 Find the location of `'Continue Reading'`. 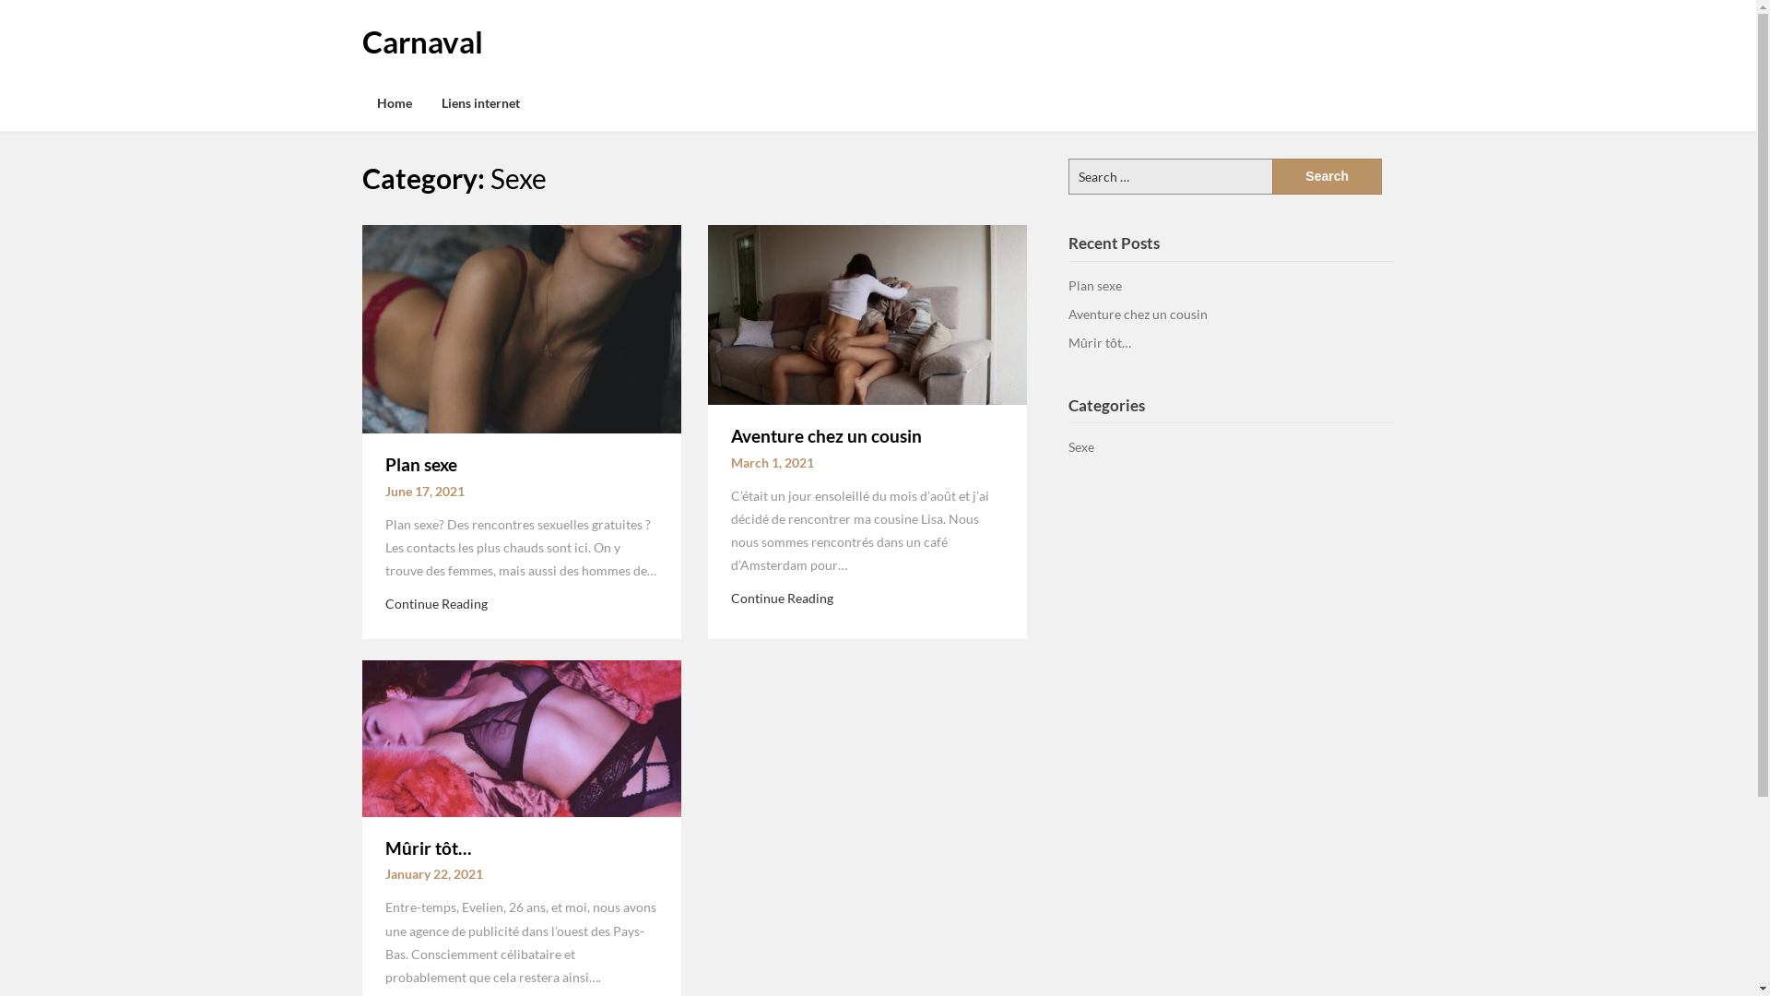

'Continue Reading' is located at coordinates (435, 603).